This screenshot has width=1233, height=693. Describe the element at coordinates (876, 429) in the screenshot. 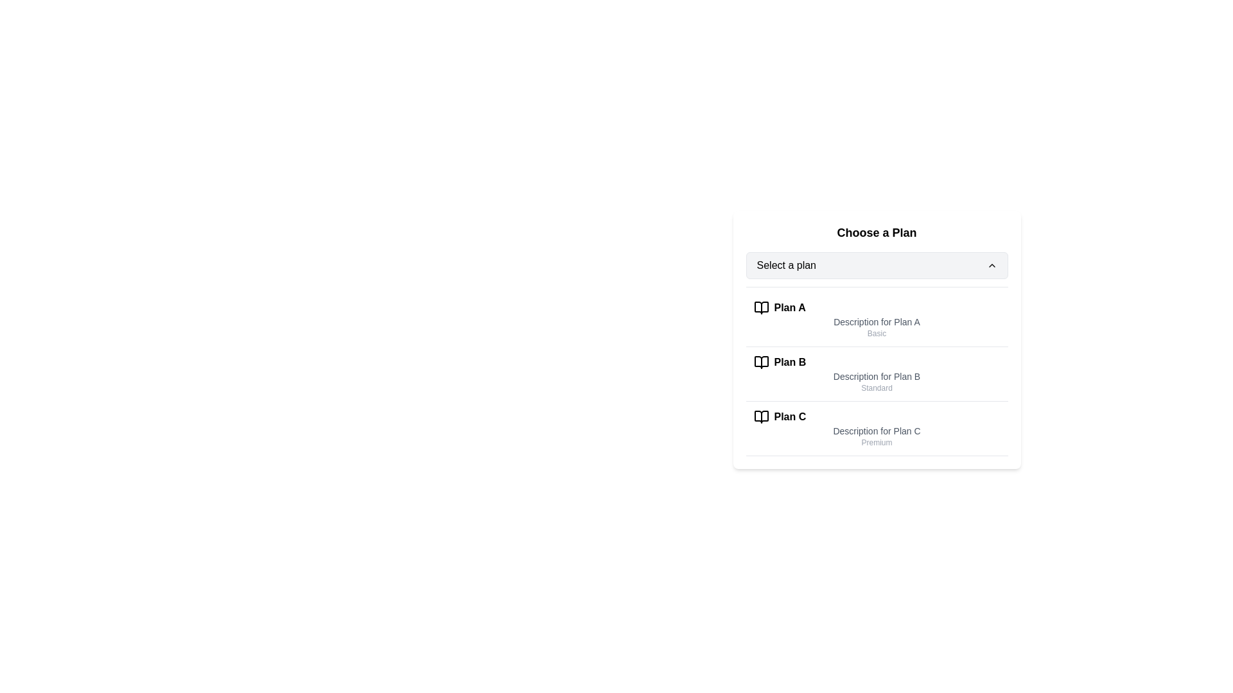

I see `the third list item representing the selectable choice for 'Plan C'` at that location.